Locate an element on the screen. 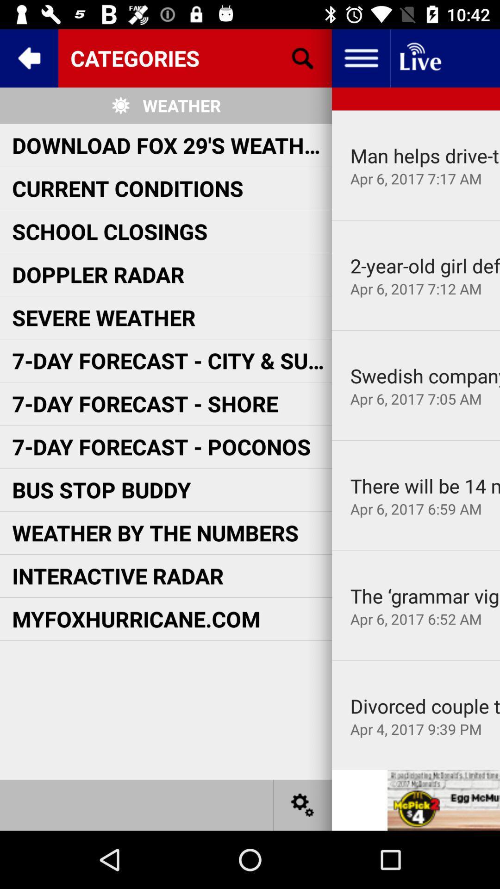  search is located at coordinates (303, 57).